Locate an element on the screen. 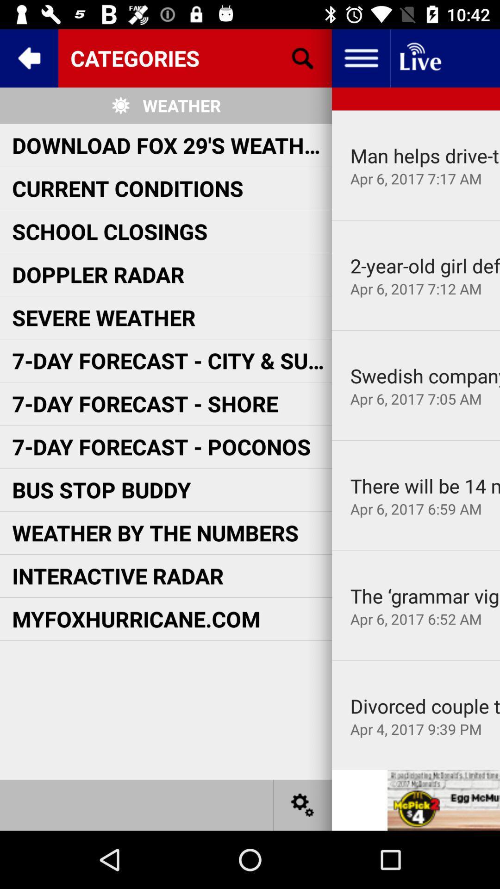  search is located at coordinates (303, 57).